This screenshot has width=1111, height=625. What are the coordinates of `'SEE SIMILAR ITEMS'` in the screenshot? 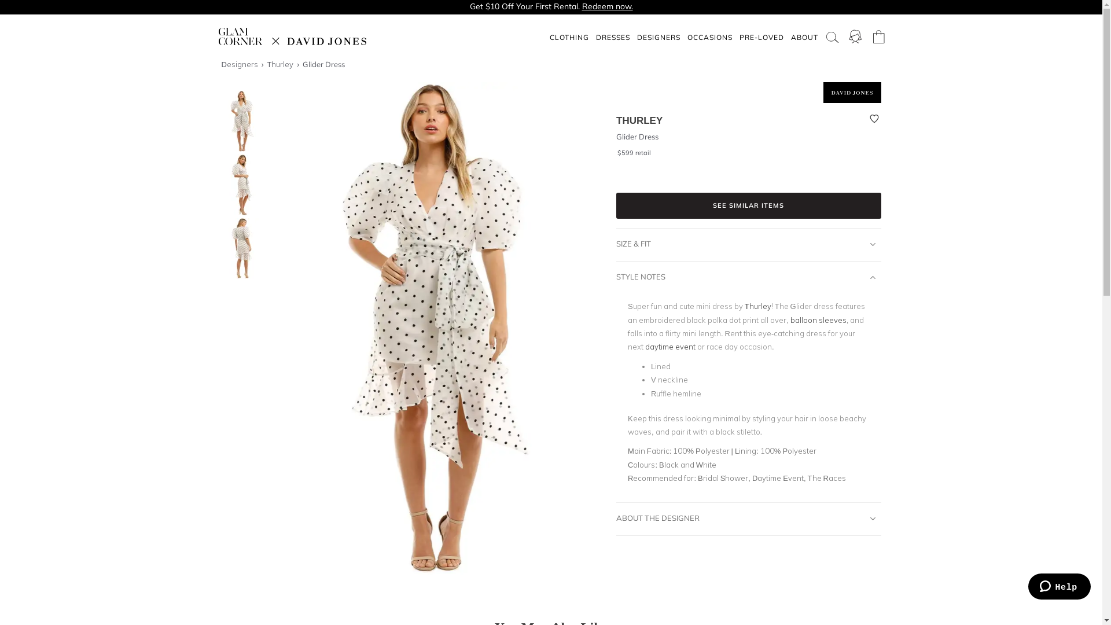 It's located at (749, 205).